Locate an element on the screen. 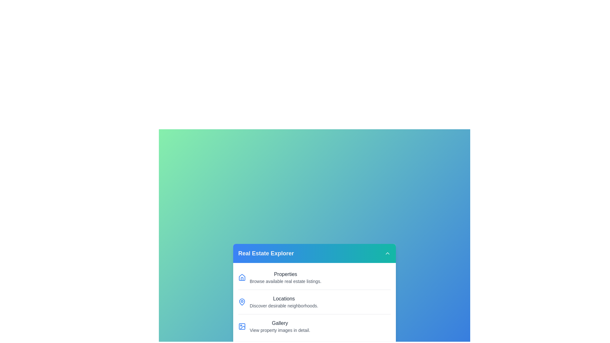 Image resolution: width=610 pixels, height=343 pixels. the menu item Properties from the RealEstateMenu is located at coordinates (314, 277).